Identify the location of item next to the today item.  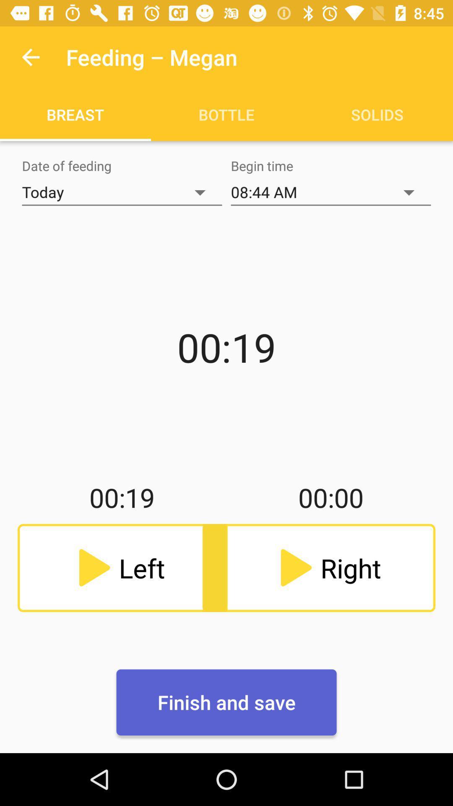
(331, 192).